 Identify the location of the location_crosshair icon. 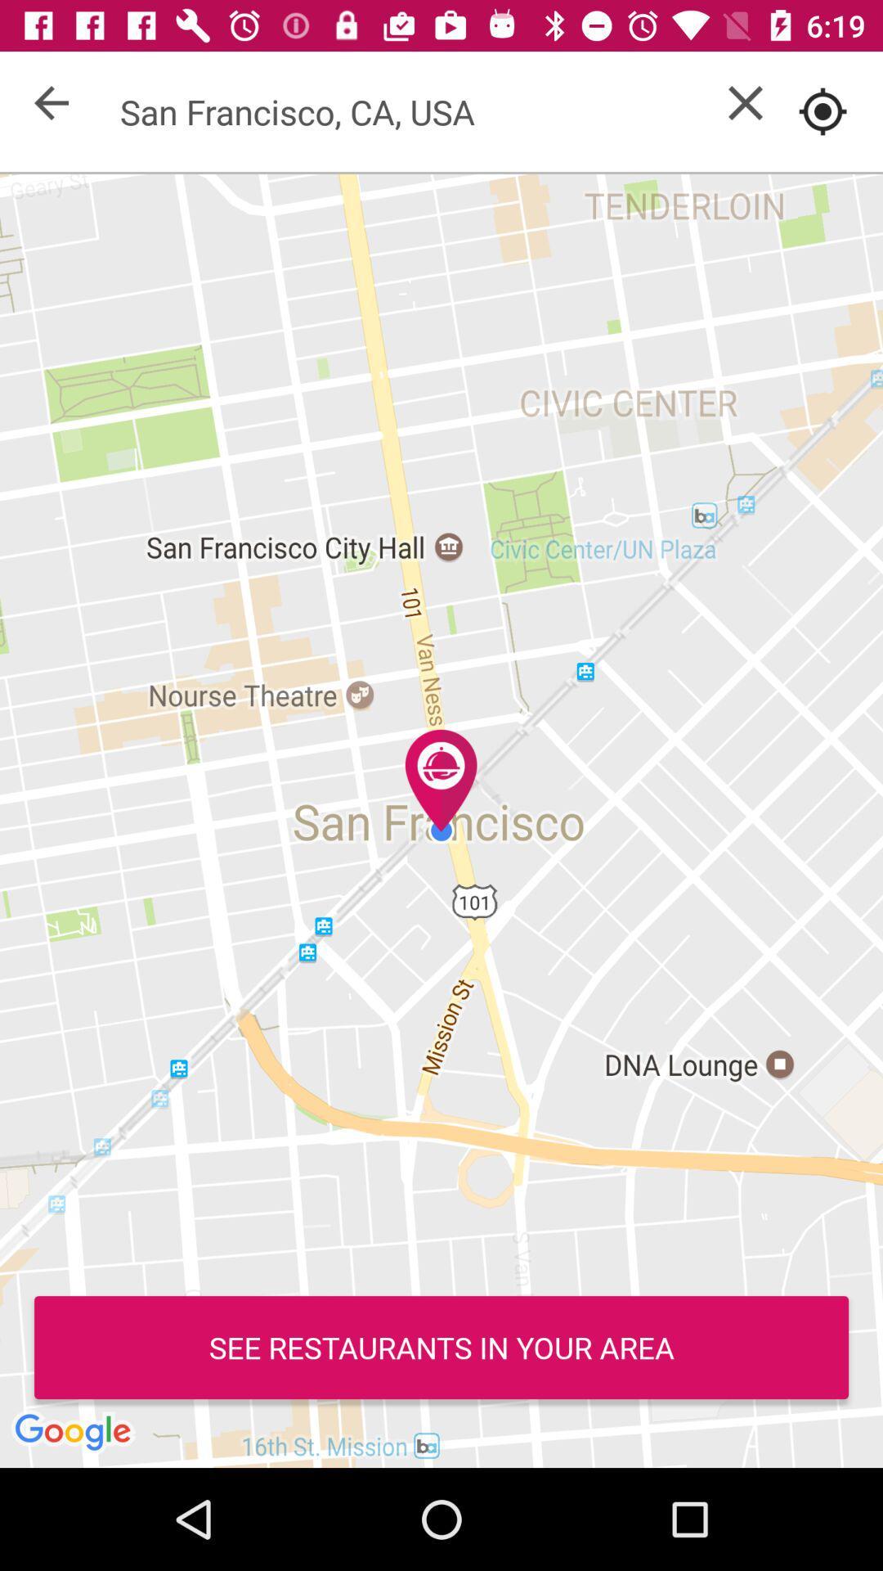
(822, 110).